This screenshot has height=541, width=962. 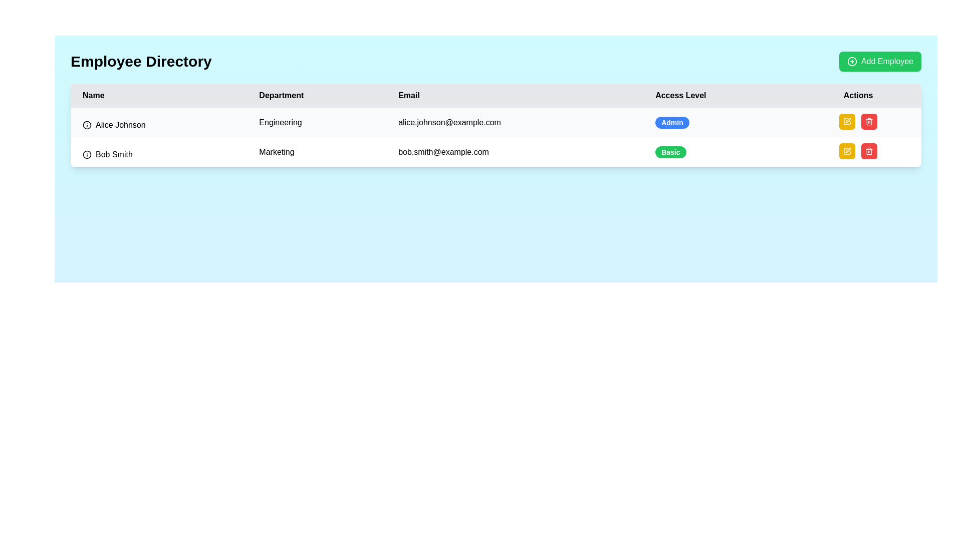 What do you see at coordinates (515, 152) in the screenshot?
I see `the email address displayed in the third cell of the second row of the table, positioned under the 'Email' column, immediately right of the 'Marketing' cell` at bounding box center [515, 152].